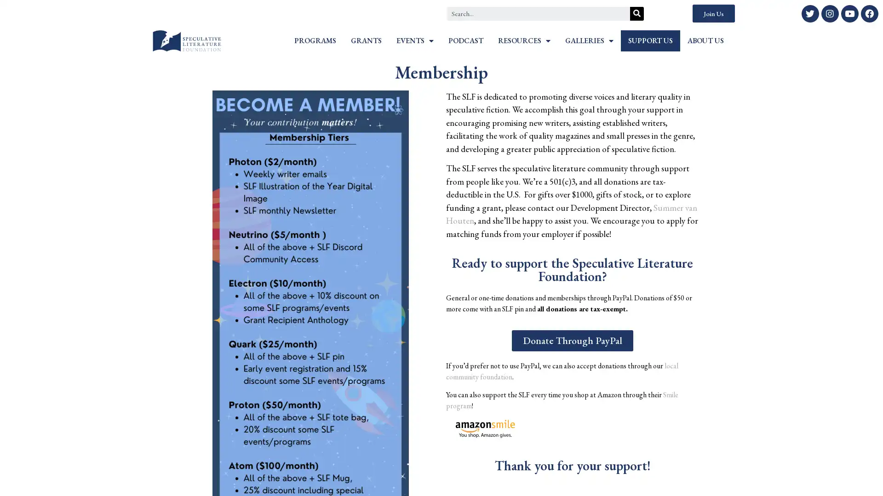  I want to click on Join Us, so click(713, 13).